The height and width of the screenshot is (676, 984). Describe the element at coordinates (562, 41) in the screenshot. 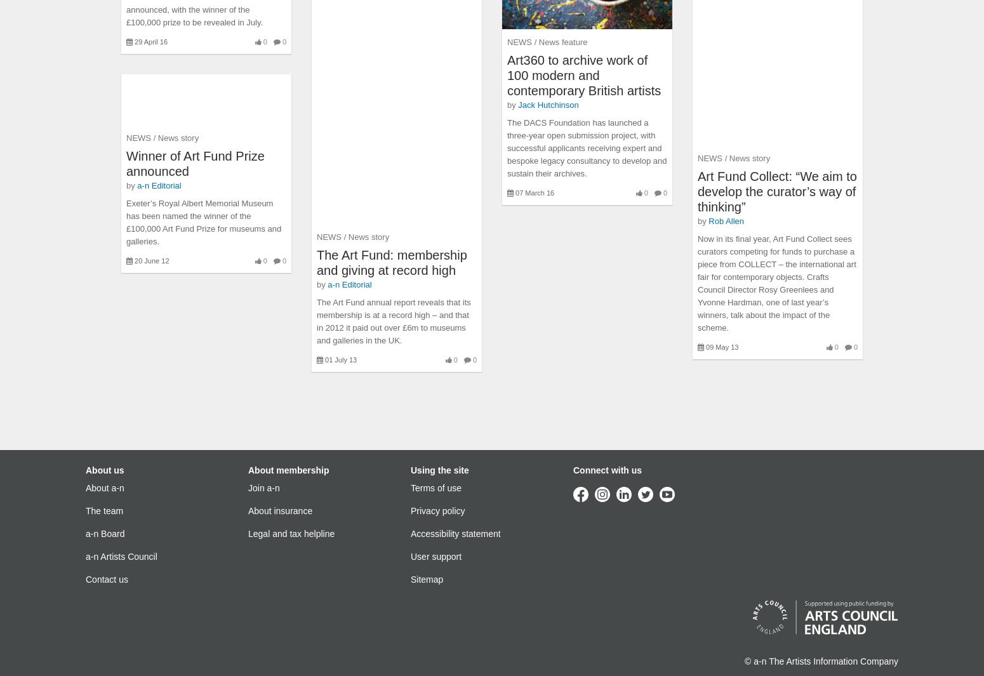

I see `'News feature'` at that location.